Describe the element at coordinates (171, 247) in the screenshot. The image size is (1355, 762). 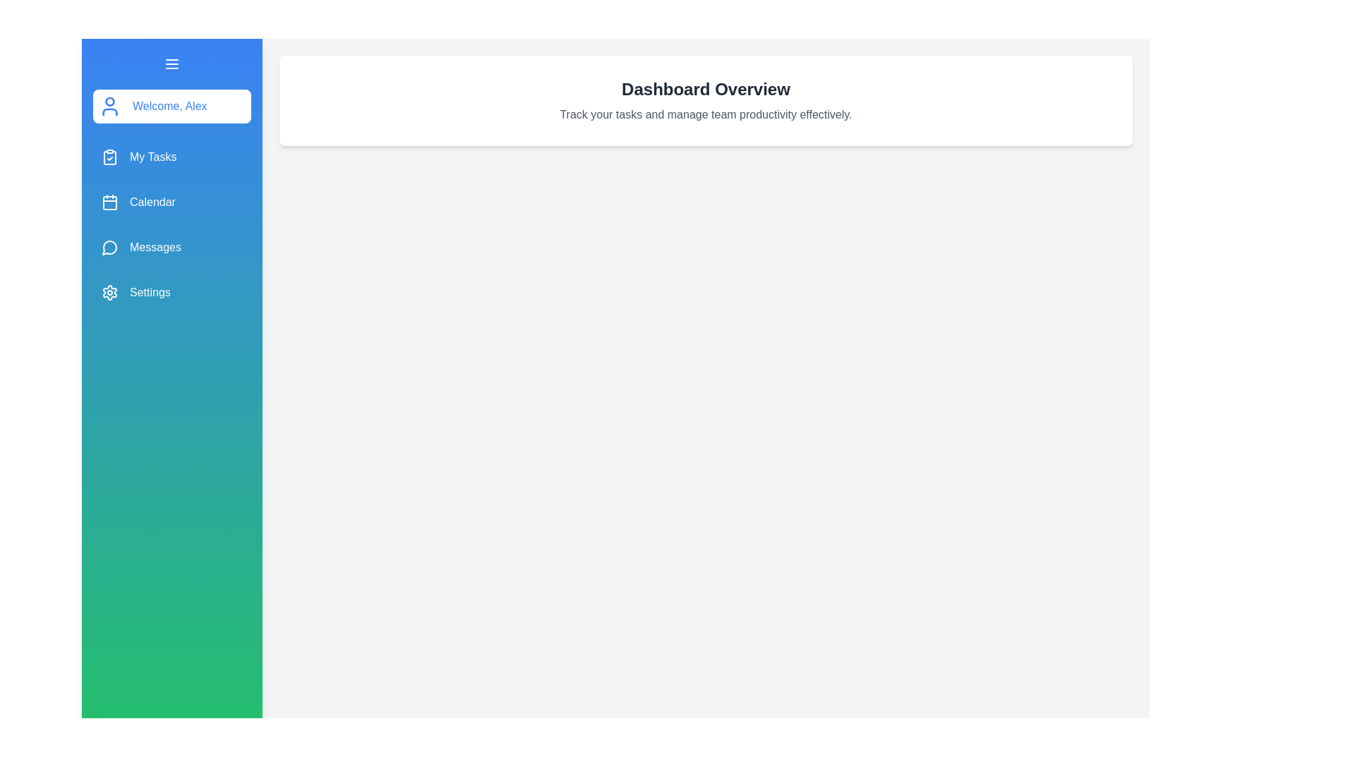
I see `the 'Messages' menu item` at that location.